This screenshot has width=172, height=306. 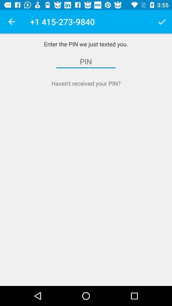 What do you see at coordinates (162, 22) in the screenshot?
I see `the item to the right of the 1 415 273 icon` at bounding box center [162, 22].